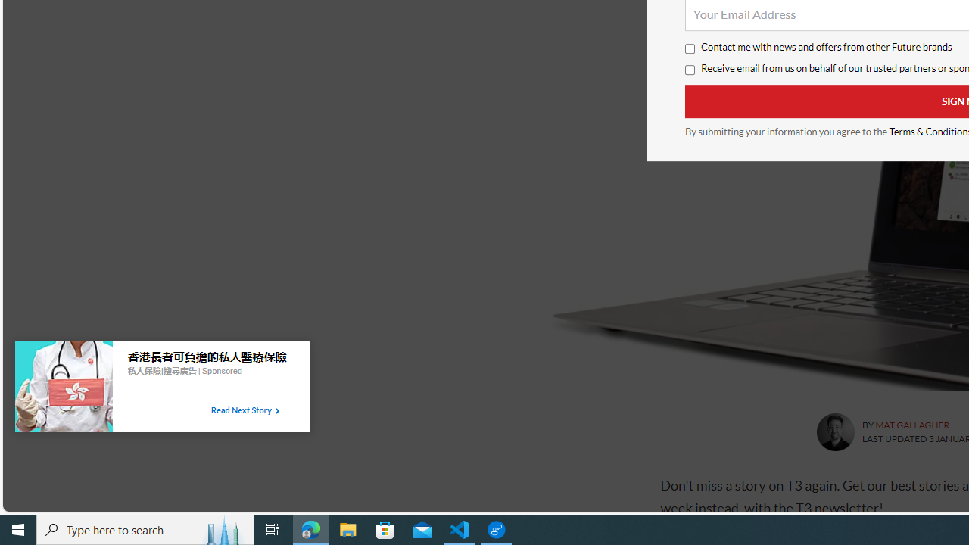 Image resolution: width=969 pixels, height=545 pixels. Describe the element at coordinates (911, 425) in the screenshot. I see `'MAT GALLAGHER'` at that location.